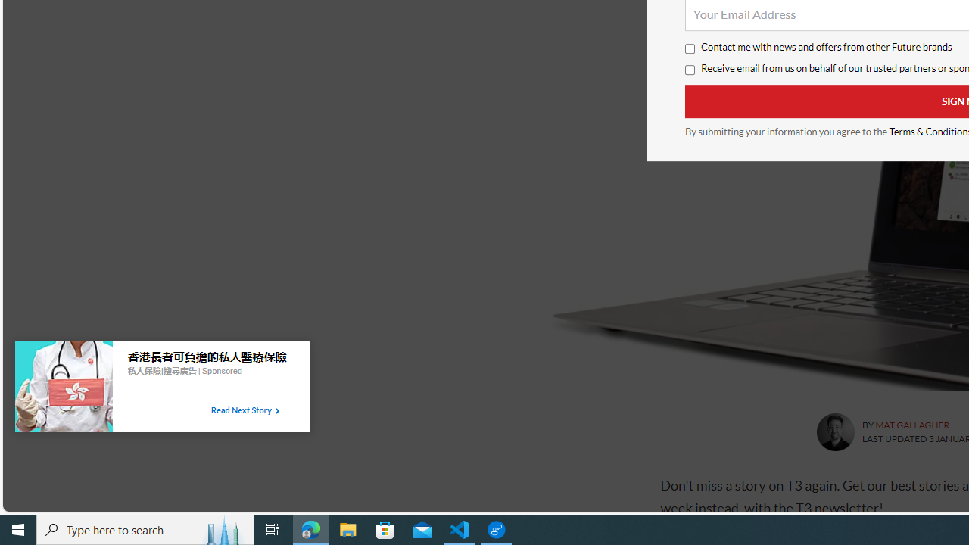 Image resolution: width=969 pixels, height=545 pixels. Describe the element at coordinates (911, 425) in the screenshot. I see `'MAT GALLAGHER'` at that location.